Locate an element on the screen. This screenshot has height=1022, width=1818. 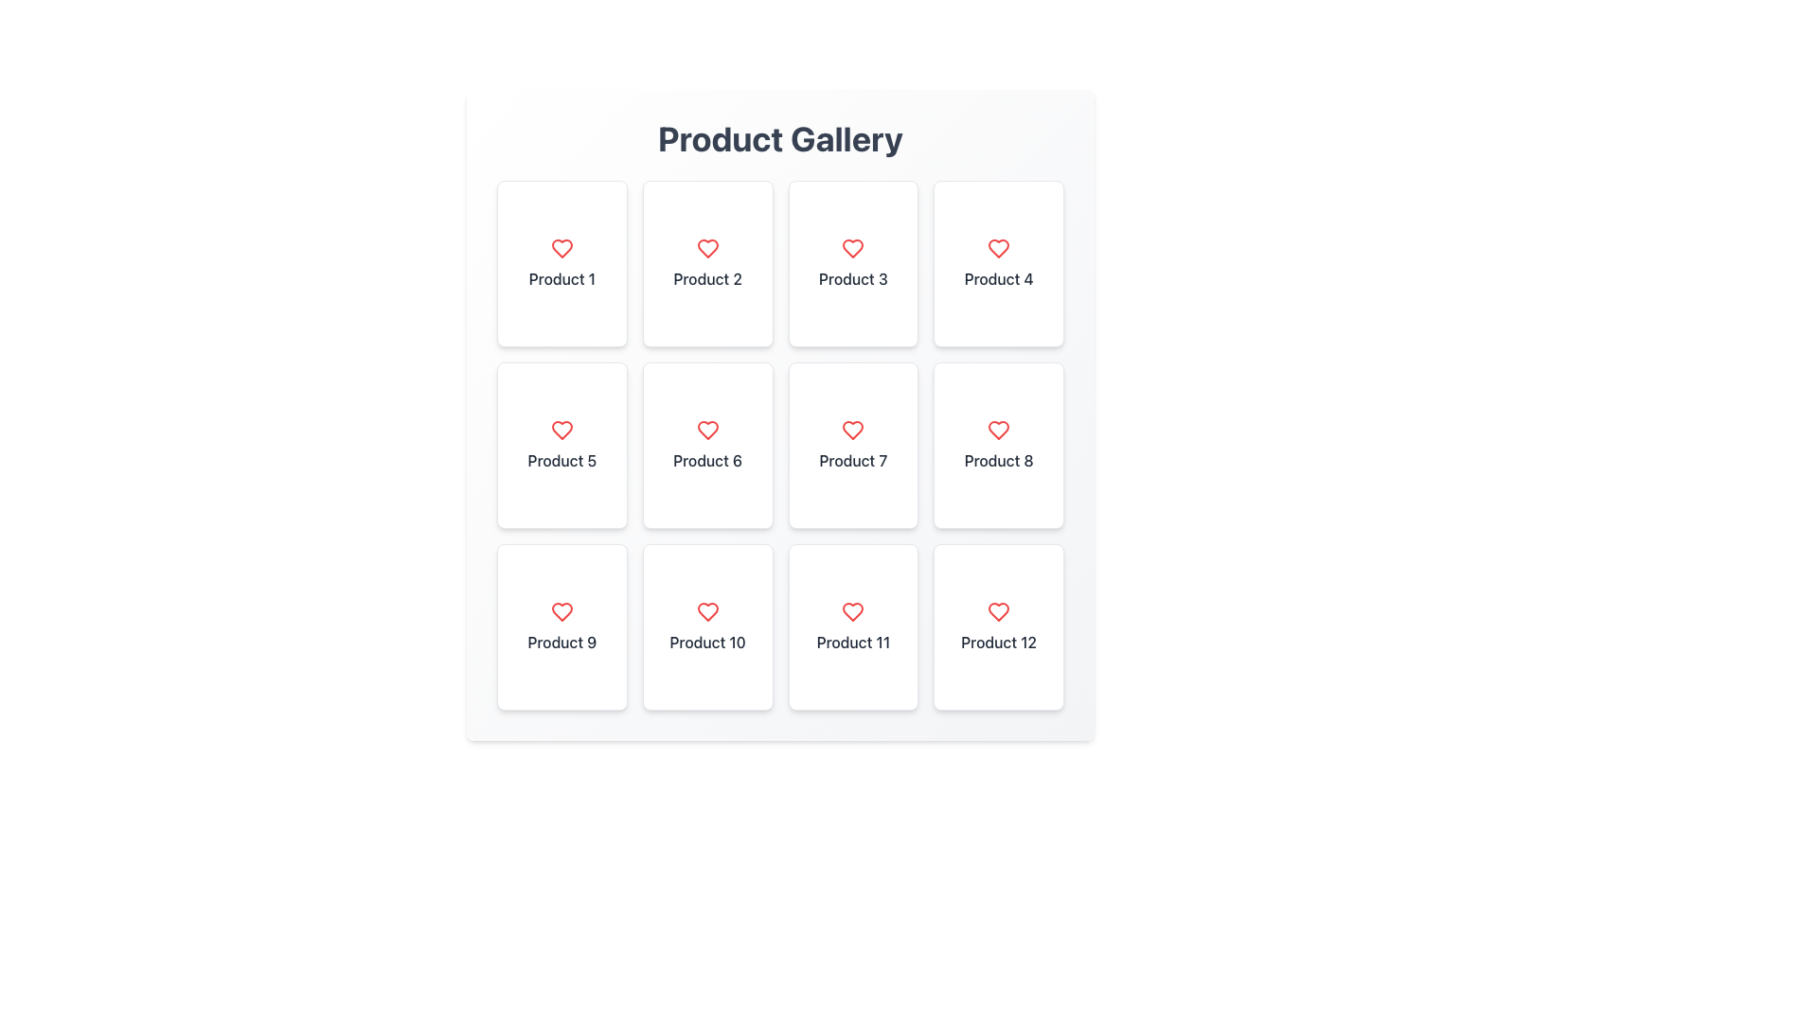
the heart icon within the 'Product 9' card located in the third row and first column of the product grid is located at coordinates (561, 627).